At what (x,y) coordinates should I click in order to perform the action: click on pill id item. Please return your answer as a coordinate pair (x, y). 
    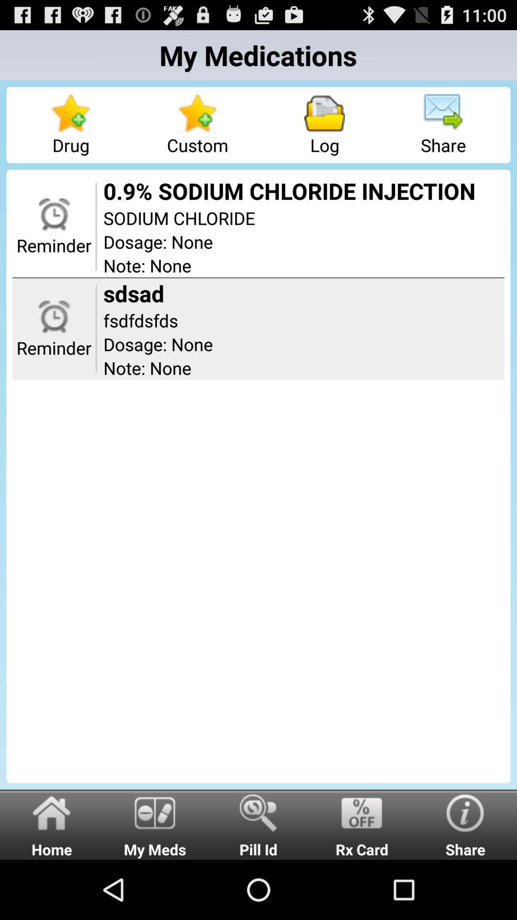
    Looking at the image, I should click on (258, 824).